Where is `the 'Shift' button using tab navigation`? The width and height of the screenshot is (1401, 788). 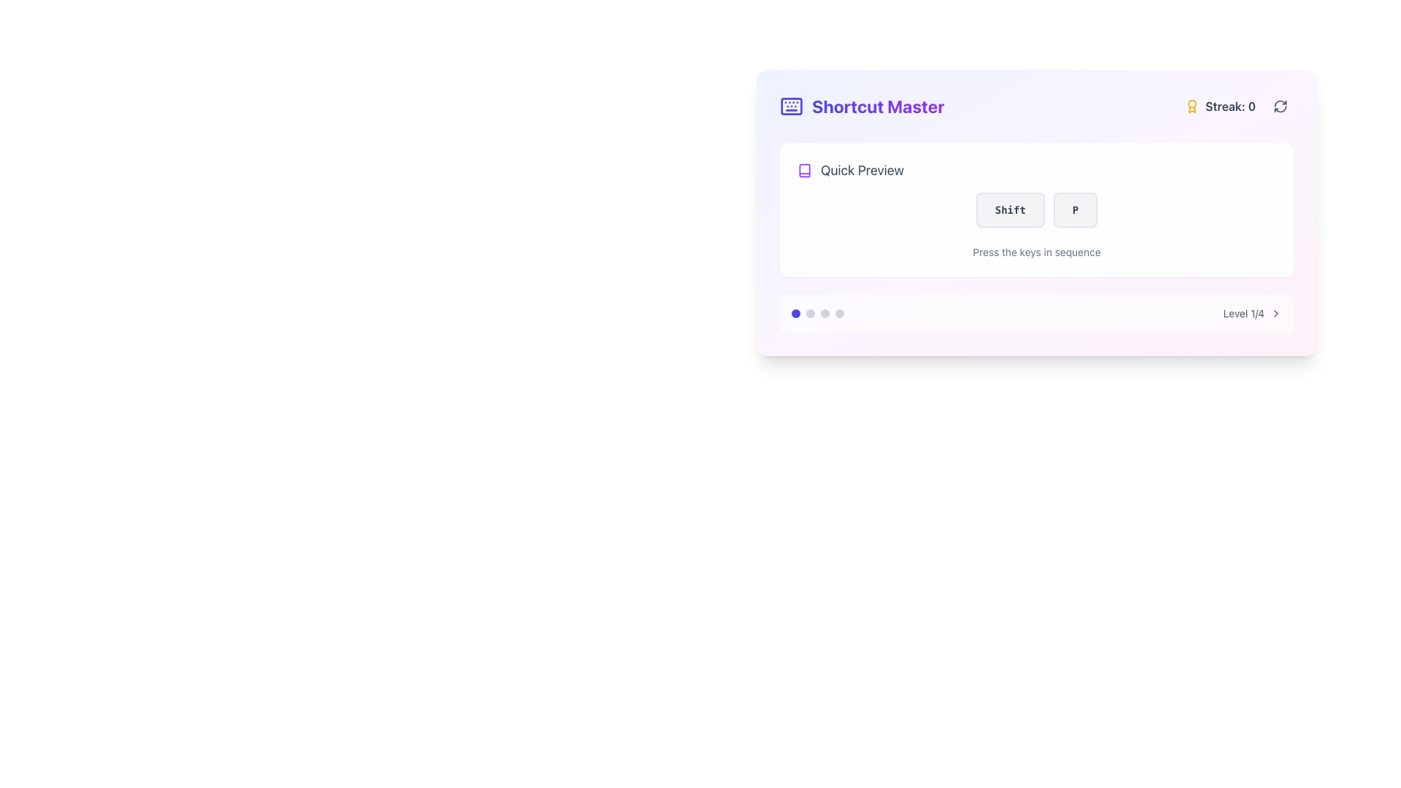 the 'Shift' button using tab navigation is located at coordinates (1009, 210).